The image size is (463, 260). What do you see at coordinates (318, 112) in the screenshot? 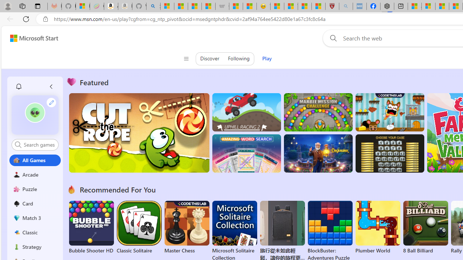
I see `'Marble Mission : Challenge'` at bounding box center [318, 112].